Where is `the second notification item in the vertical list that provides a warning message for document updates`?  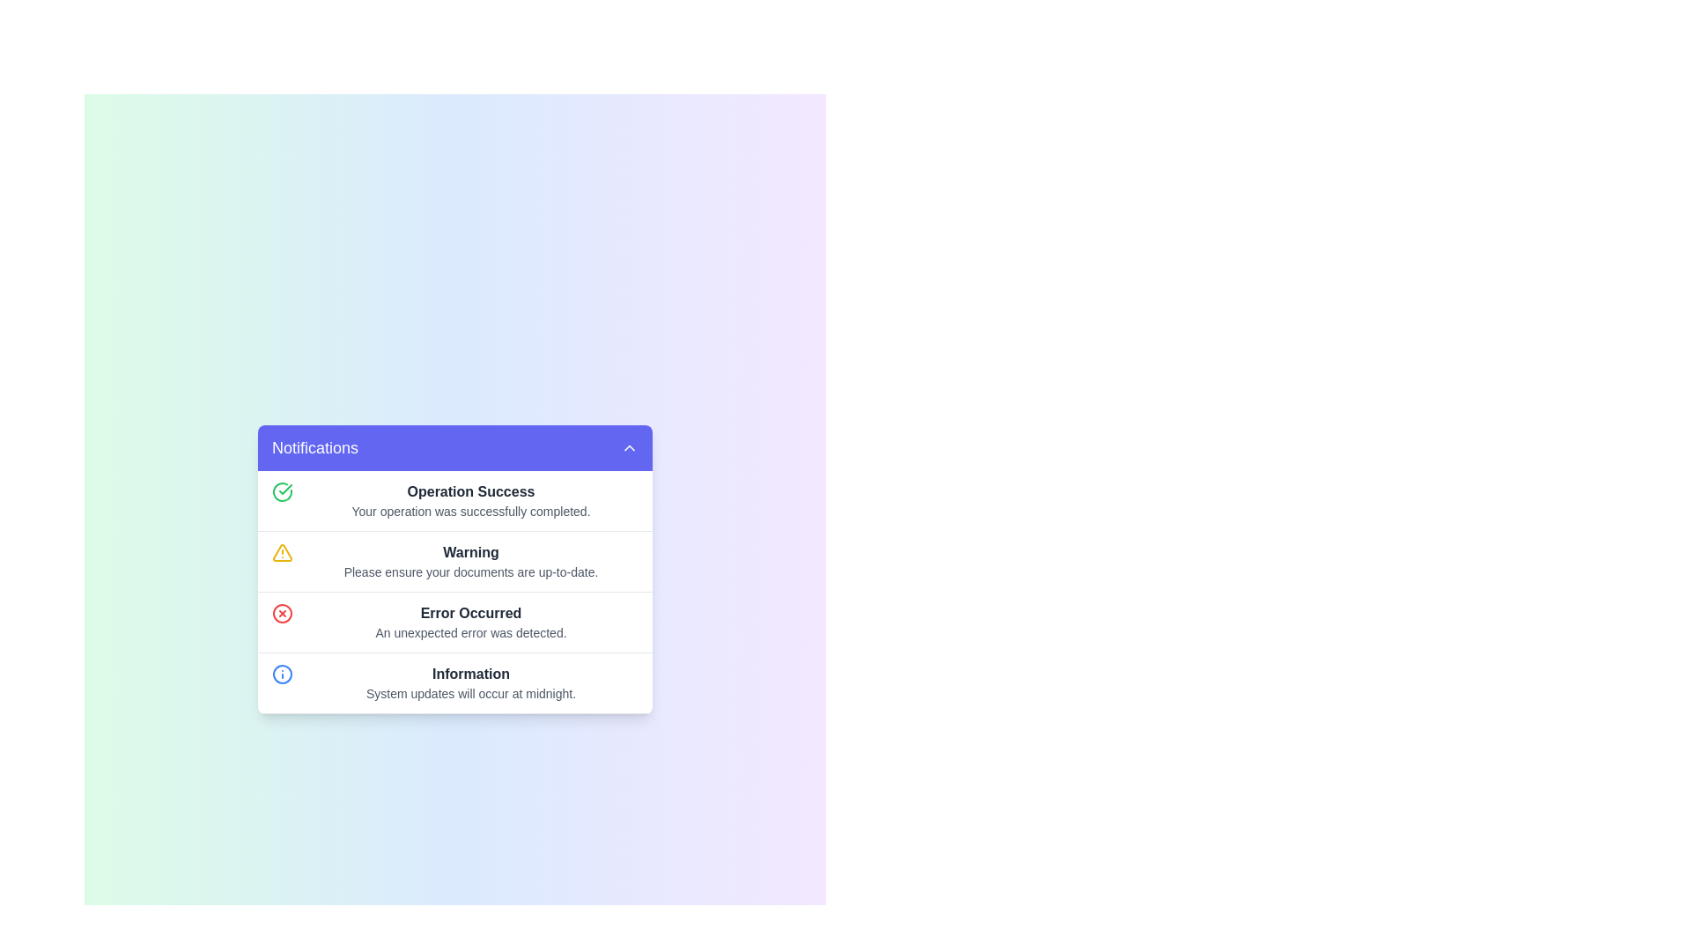
the second notification item in the vertical list that provides a warning message for document updates is located at coordinates (455, 562).